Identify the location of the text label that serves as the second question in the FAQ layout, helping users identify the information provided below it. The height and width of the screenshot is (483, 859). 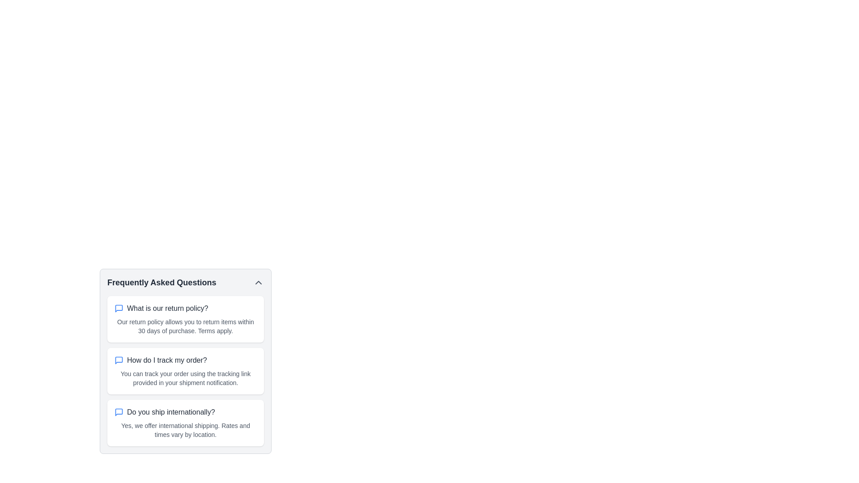
(167, 360).